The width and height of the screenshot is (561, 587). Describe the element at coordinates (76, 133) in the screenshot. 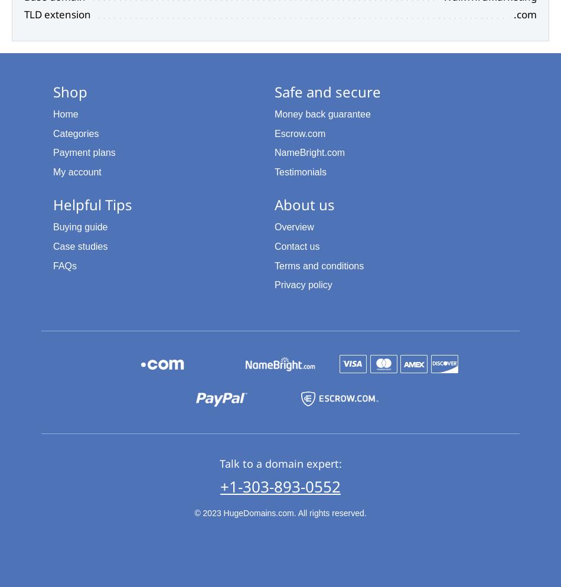

I see `'Categories'` at that location.